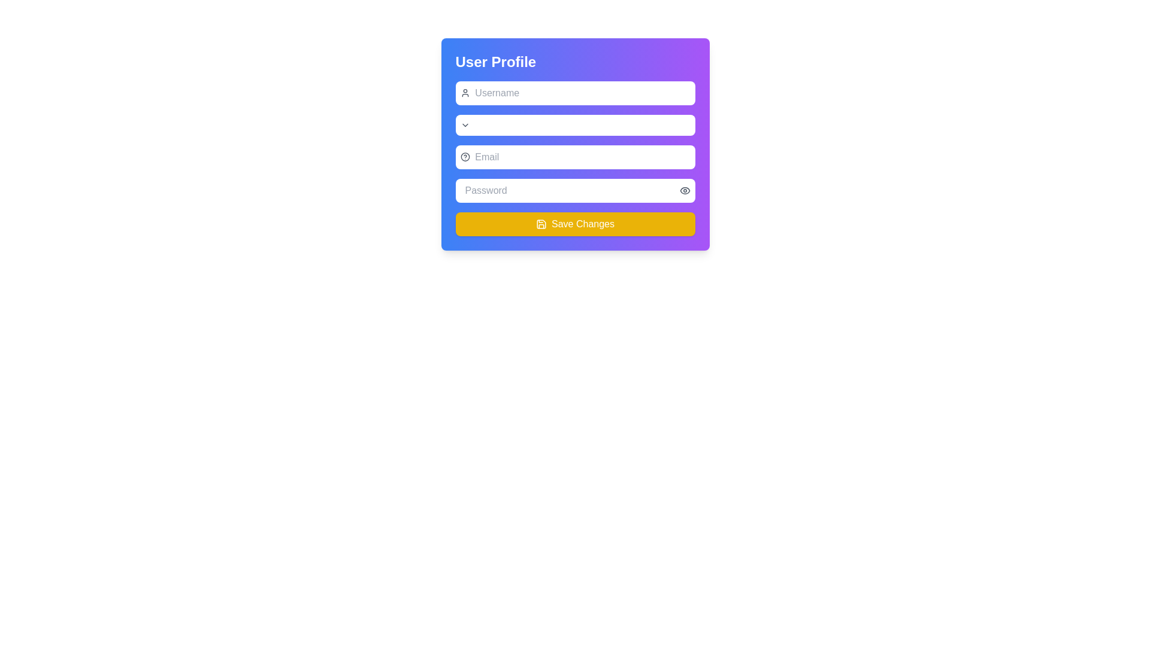  Describe the element at coordinates (575, 156) in the screenshot. I see `the email input field in the 'User Profile' section to potentially display a tooltip` at that location.